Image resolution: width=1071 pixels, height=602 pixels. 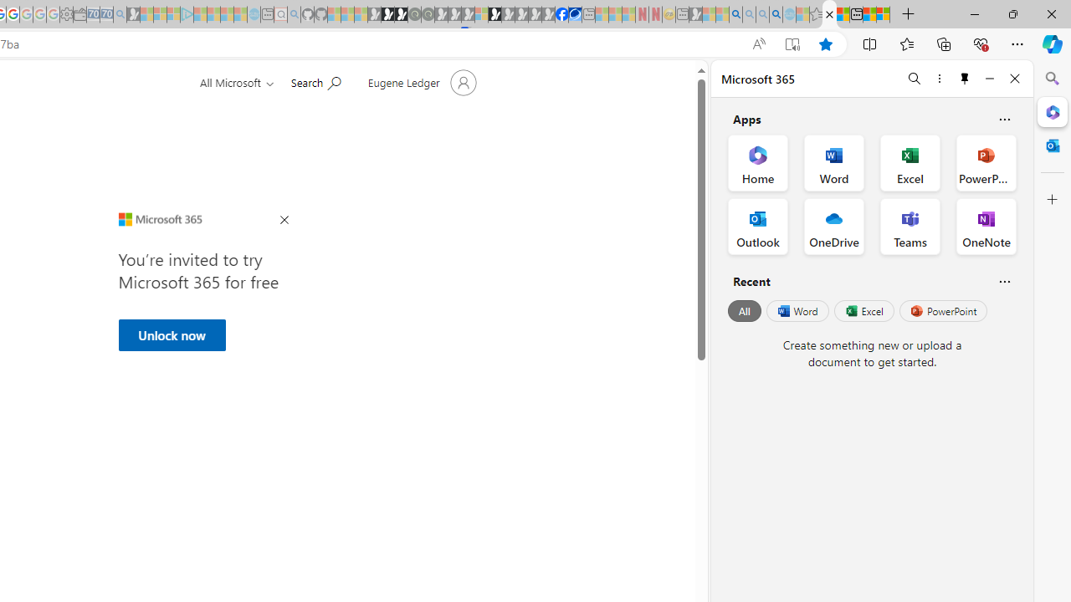 What do you see at coordinates (986, 163) in the screenshot?
I see `'PowerPoint Office App'` at bounding box center [986, 163].